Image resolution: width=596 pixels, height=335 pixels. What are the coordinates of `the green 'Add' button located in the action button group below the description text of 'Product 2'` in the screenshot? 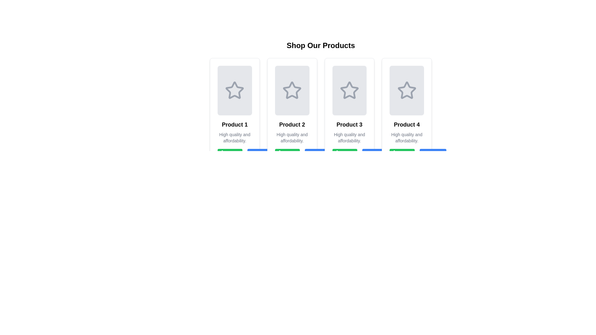 It's located at (292, 154).